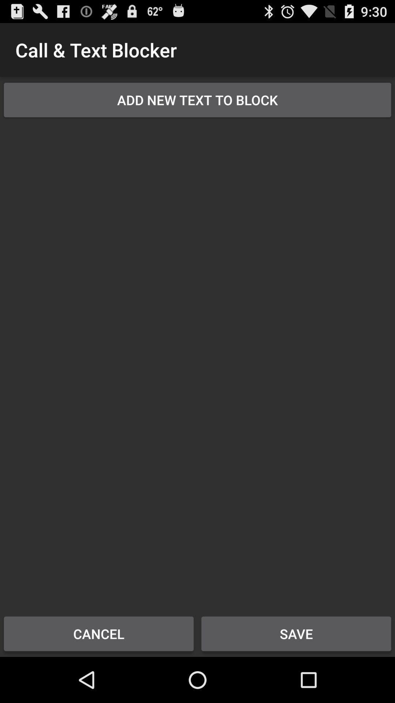 Image resolution: width=395 pixels, height=703 pixels. Describe the element at coordinates (296, 633) in the screenshot. I see `button next to cancel button` at that location.